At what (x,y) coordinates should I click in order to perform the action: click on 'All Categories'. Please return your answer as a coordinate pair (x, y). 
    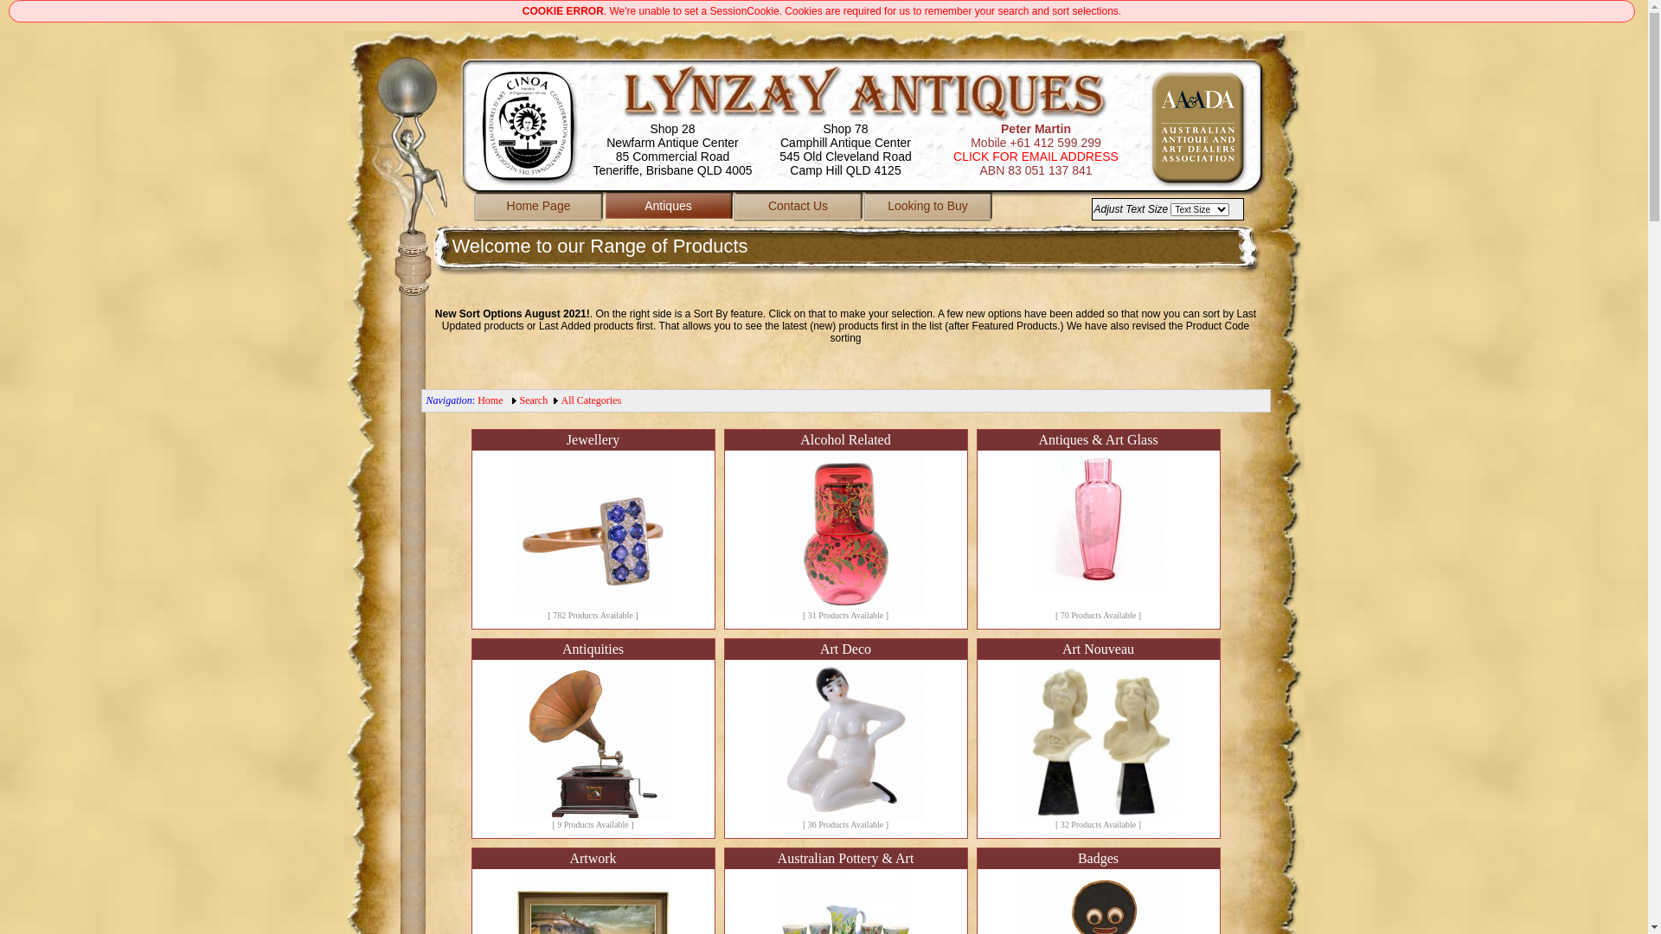
    Looking at the image, I should click on (591, 400).